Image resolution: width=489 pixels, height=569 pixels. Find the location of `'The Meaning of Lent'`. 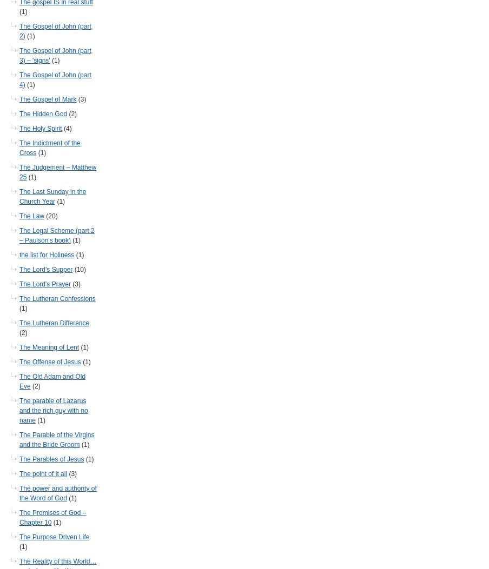

'The Meaning of Lent' is located at coordinates (49, 346).